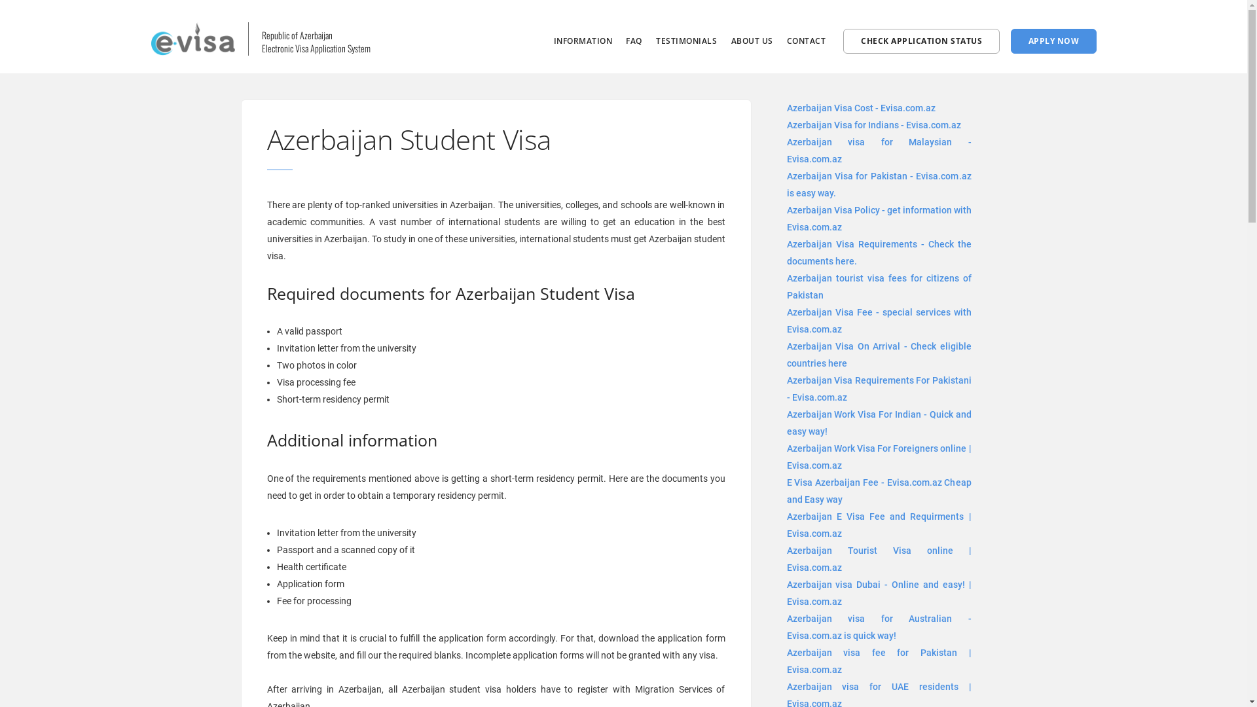 The width and height of the screenshot is (1257, 707). Describe the element at coordinates (786, 125) in the screenshot. I see `'Azerbaijan Visa for Indians - Evisa.com.az'` at that location.